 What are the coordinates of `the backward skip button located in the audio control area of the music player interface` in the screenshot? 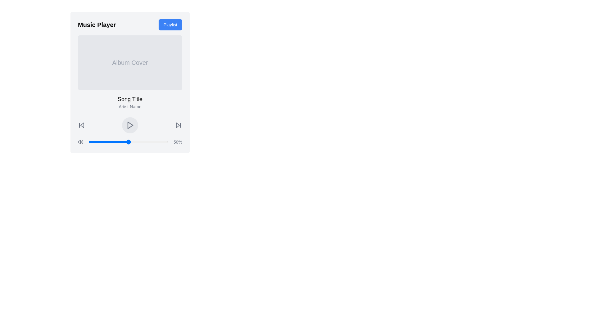 It's located at (81, 125).